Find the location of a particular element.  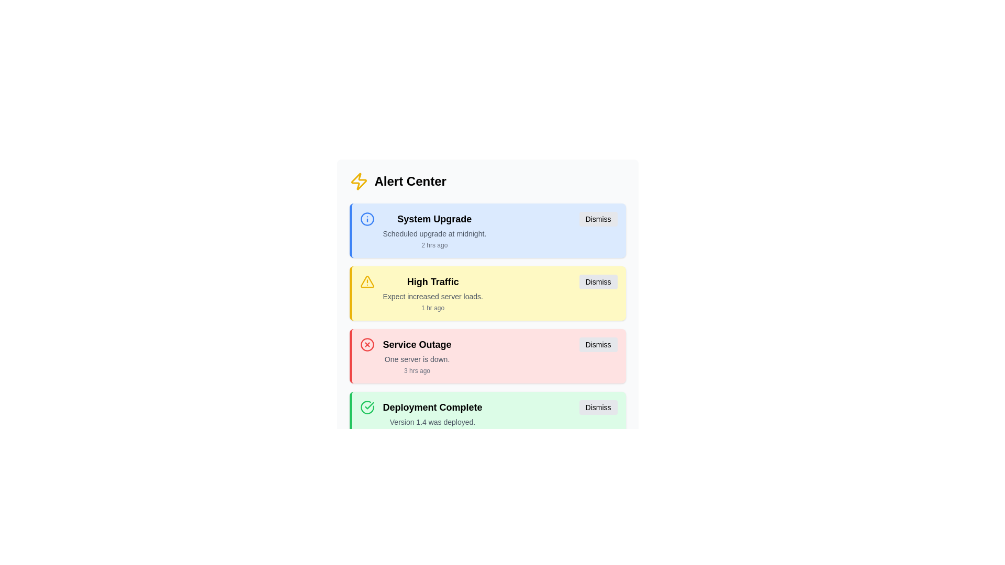

the static text label displaying '1 hr ago', which is aligned below the 'Expect increased server loads.' text within the yellow-highlighted notification entry labeled 'High Traffic' on the 'Alert Center' page is located at coordinates (433, 308).